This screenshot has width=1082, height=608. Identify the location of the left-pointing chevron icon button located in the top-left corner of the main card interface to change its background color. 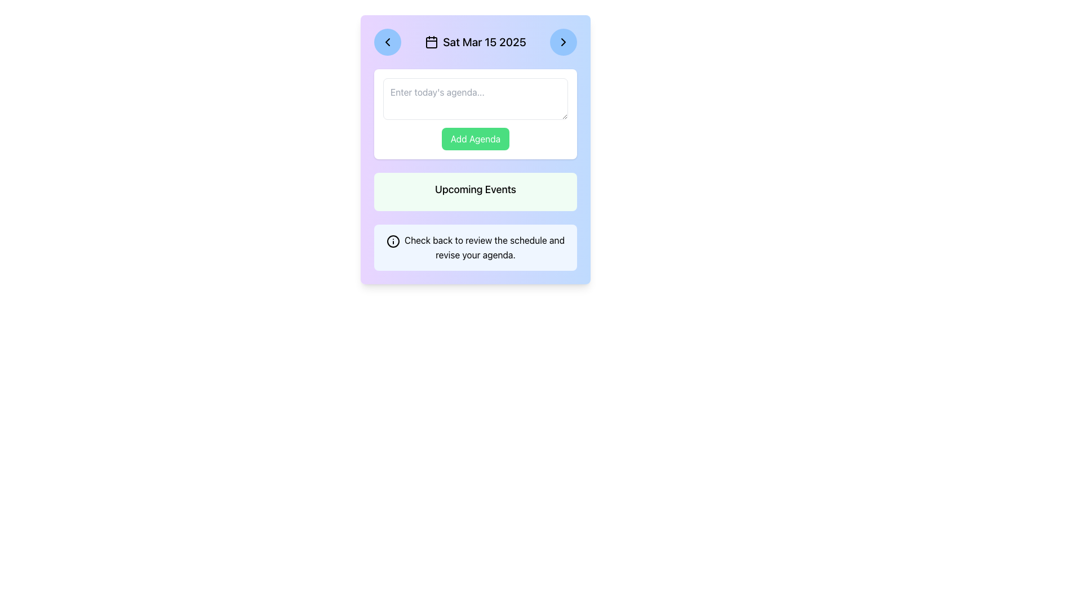
(387, 41).